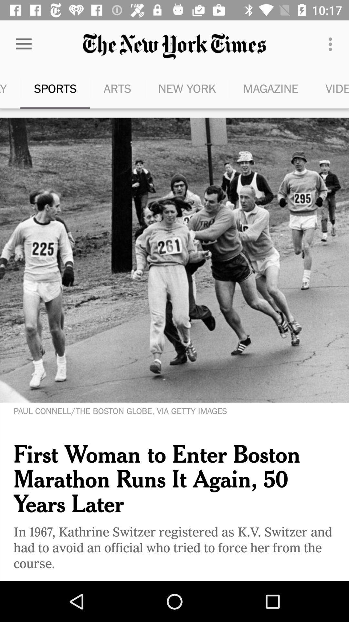 The image size is (349, 622). I want to click on item next to business day icon, so click(55, 88).